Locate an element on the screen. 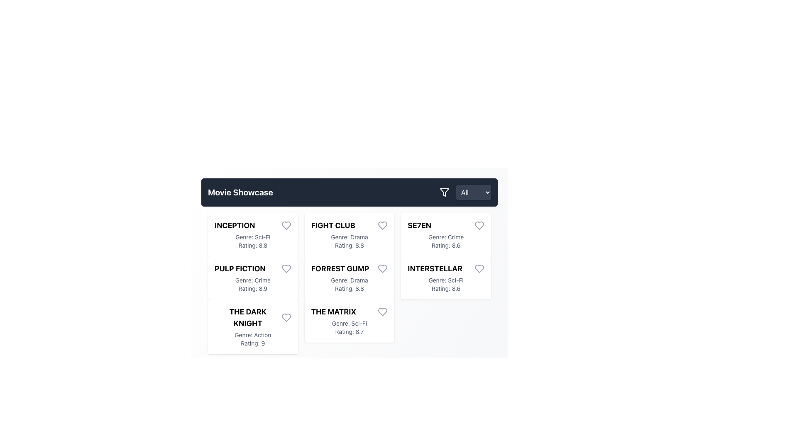 The width and height of the screenshot is (797, 448). the heart-shaped icon in the top-right corner of the 'SE7EN' movie card to mark it as favorite is located at coordinates (479, 225).